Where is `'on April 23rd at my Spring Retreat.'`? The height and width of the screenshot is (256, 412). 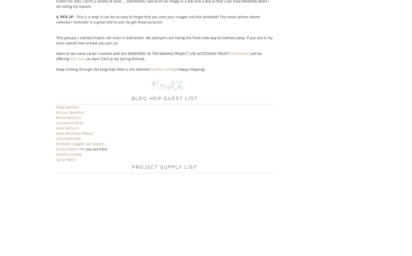
'on April 23rd at my Spring Retreat.' is located at coordinates (115, 59).